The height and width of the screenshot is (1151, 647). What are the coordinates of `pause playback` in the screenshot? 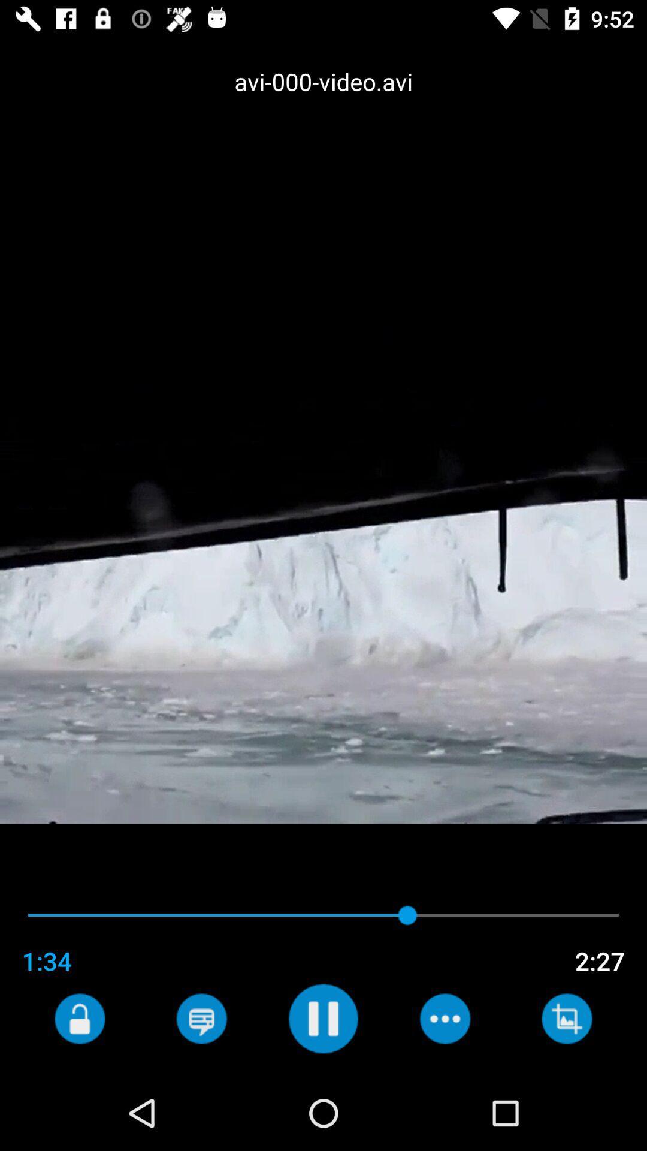 It's located at (322, 1018).